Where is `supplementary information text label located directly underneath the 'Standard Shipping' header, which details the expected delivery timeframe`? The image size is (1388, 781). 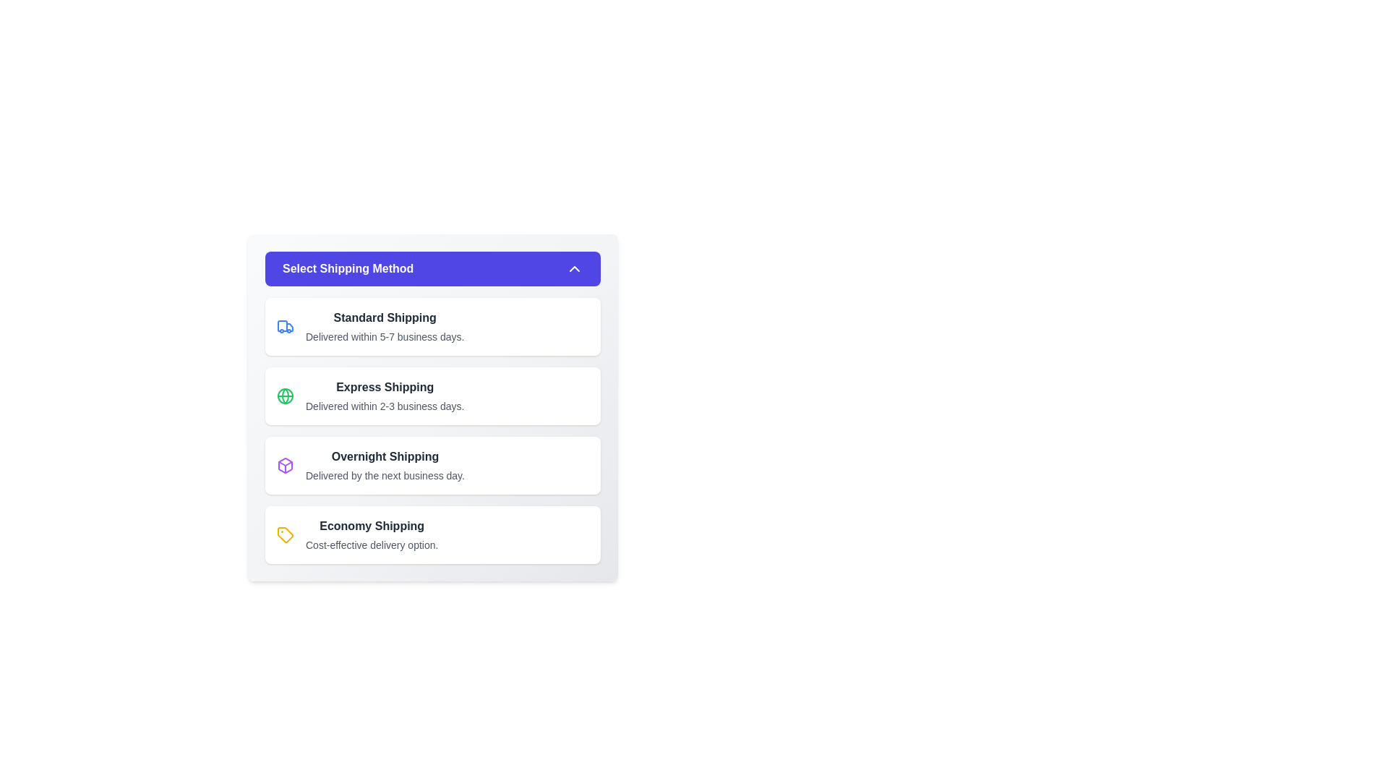
supplementary information text label located directly underneath the 'Standard Shipping' header, which details the expected delivery timeframe is located at coordinates (385, 337).